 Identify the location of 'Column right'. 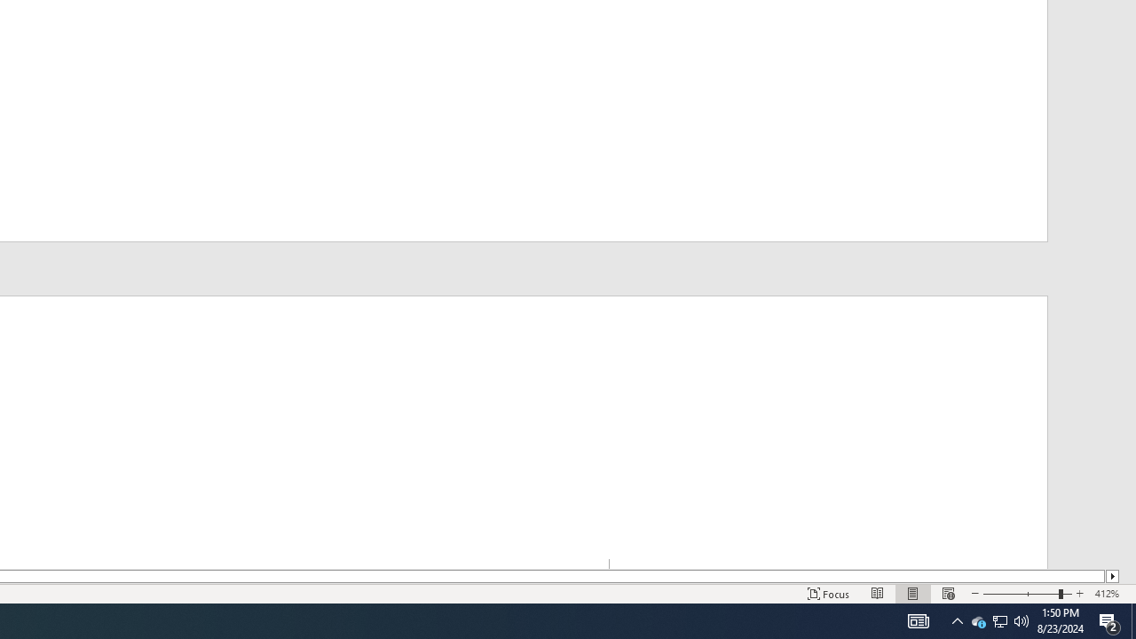
(1112, 576).